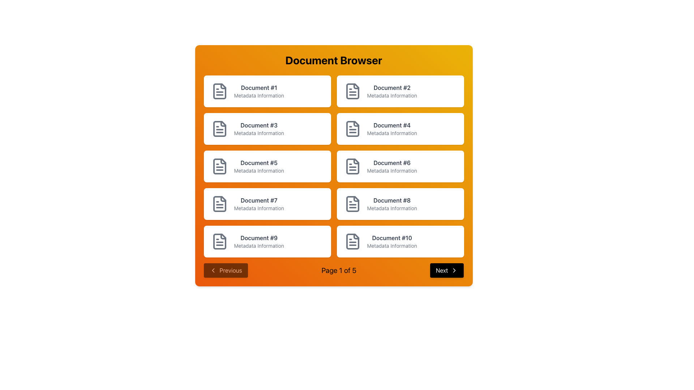 Image resolution: width=694 pixels, height=390 pixels. What do you see at coordinates (356, 86) in the screenshot?
I see `the small stroke graphic in the SVG representation of the file icon for 'Document #2', located near the upper-right corner of the icon` at bounding box center [356, 86].